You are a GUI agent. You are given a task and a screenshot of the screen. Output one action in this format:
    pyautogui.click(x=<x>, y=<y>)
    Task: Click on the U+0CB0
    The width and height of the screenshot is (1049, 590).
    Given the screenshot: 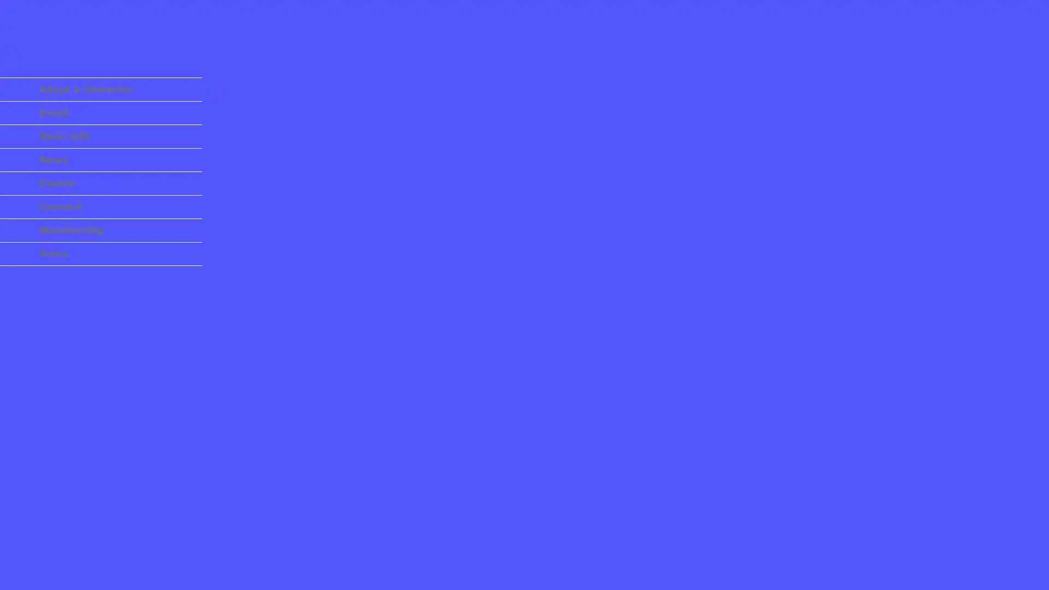 What is the action you would take?
    pyautogui.click(x=325, y=210)
    